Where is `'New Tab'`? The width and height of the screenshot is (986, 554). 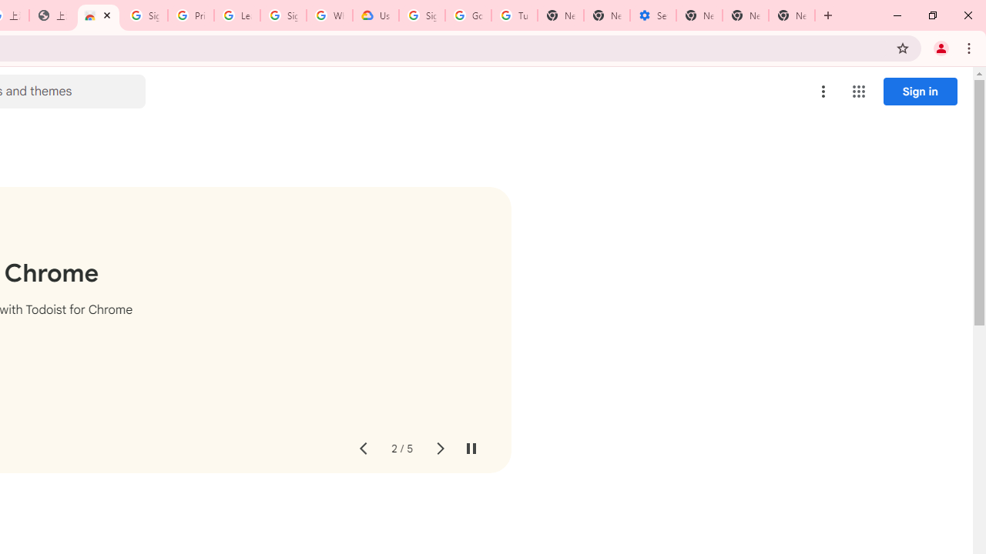
'New Tab' is located at coordinates (792, 15).